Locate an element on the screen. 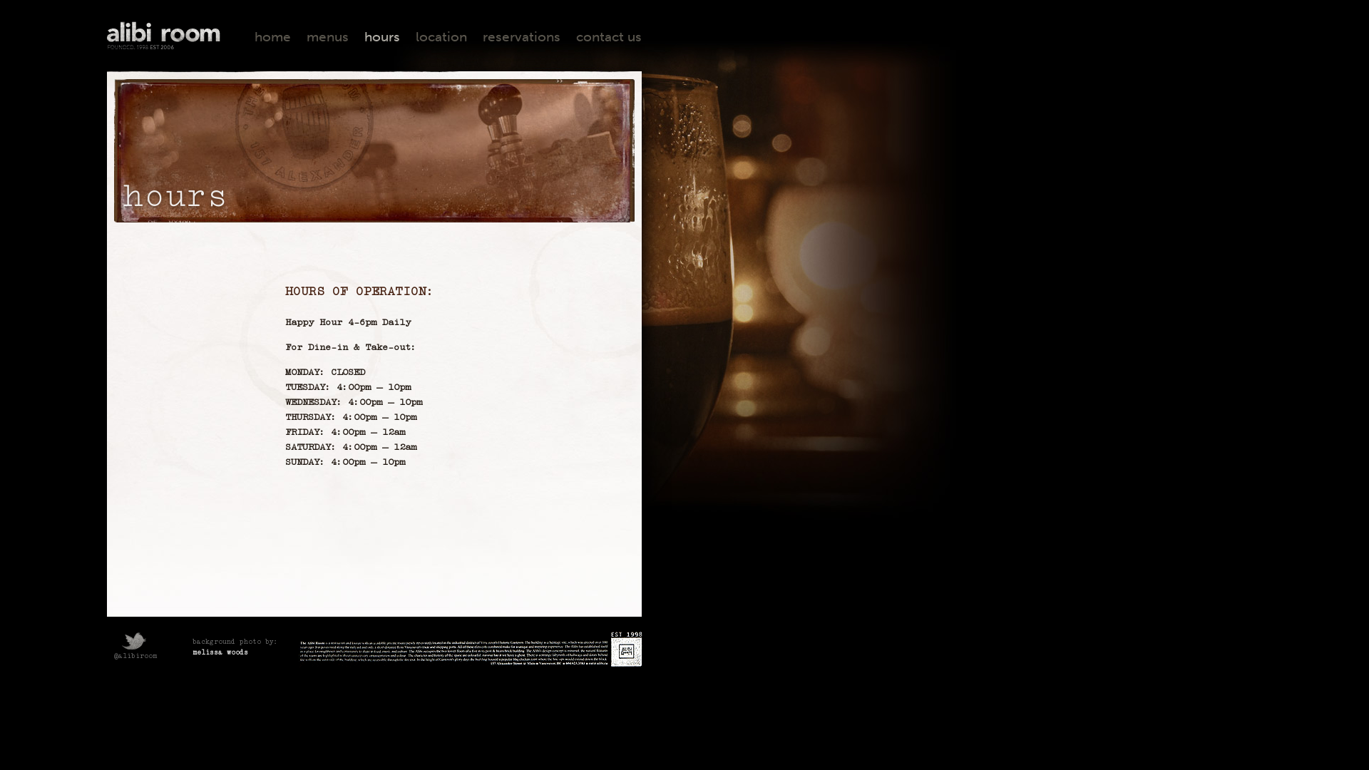 The width and height of the screenshot is (1369, 770). '@alibiroom' is located at coordinates (132, 649).